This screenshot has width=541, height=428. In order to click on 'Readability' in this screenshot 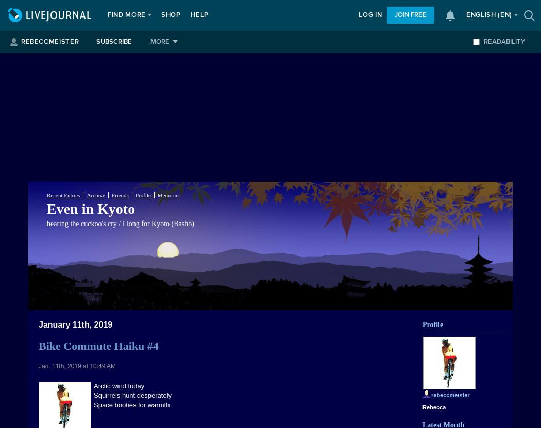, I will do `click(504, 41)`.